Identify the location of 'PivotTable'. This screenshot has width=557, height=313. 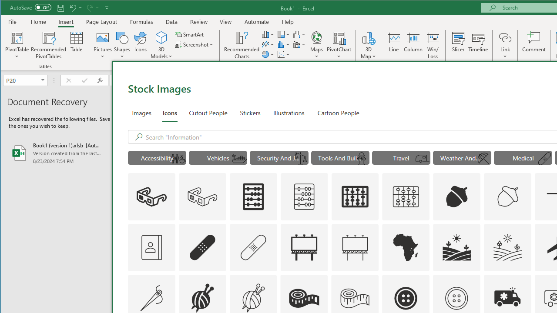
(17, 45).